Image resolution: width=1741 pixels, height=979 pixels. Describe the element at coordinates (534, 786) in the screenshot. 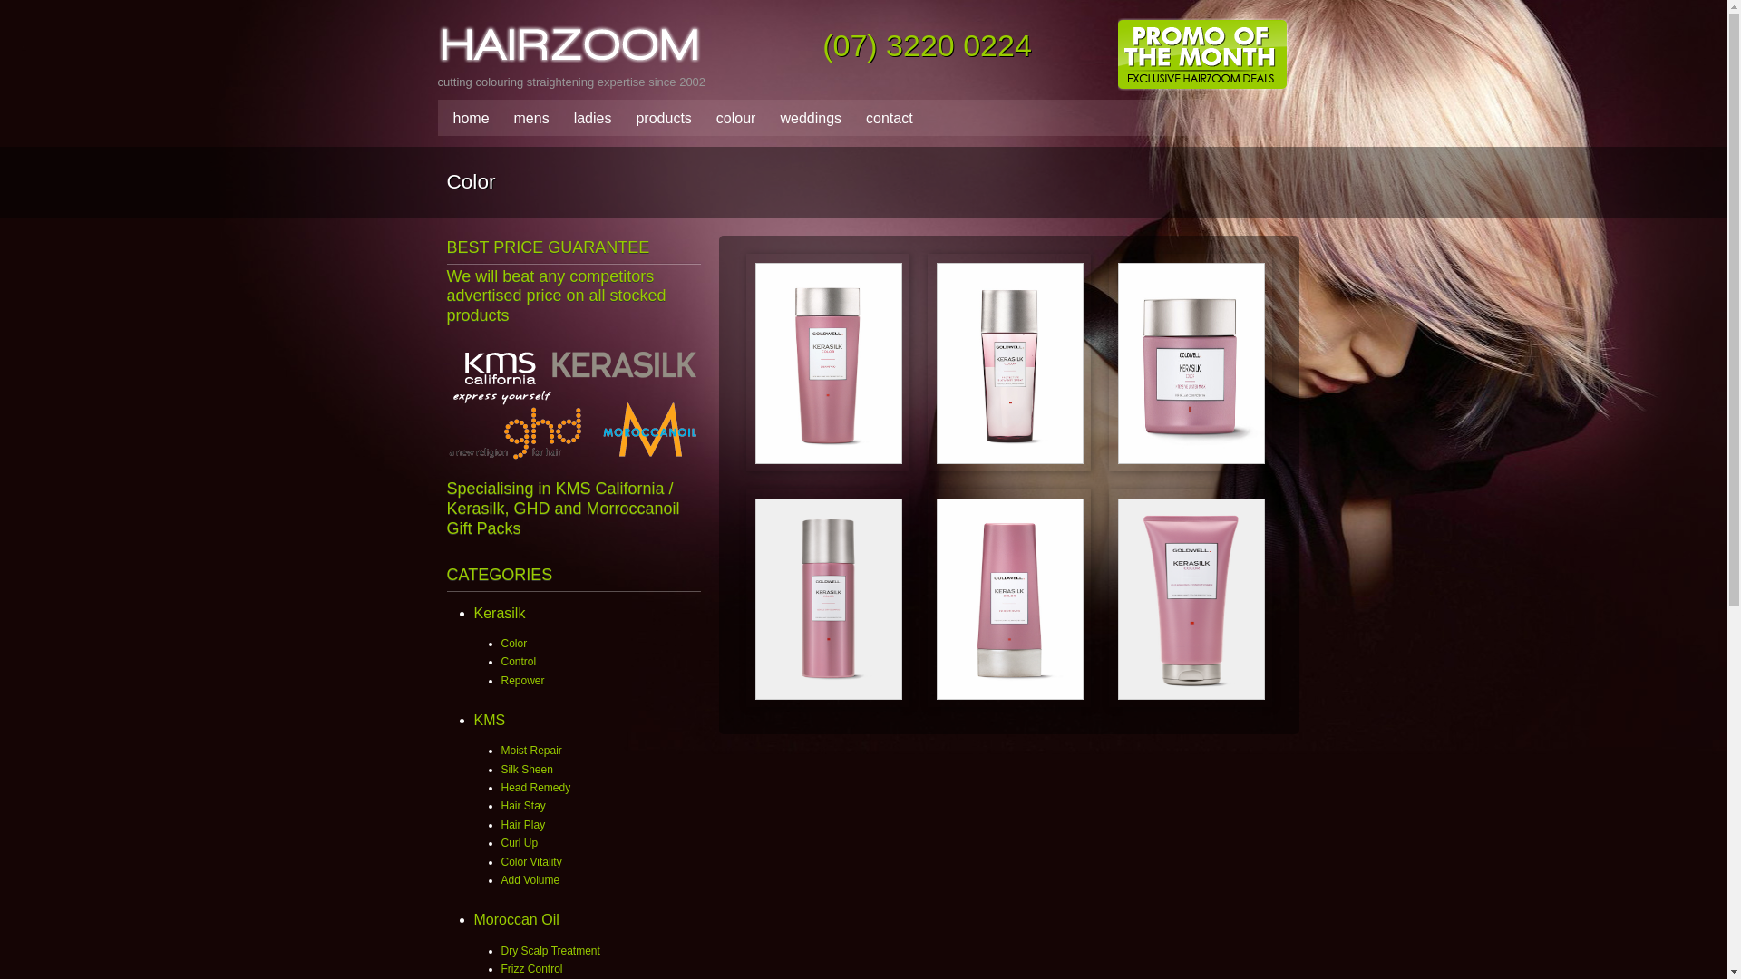

I see `'Head Remedy'` at that location.